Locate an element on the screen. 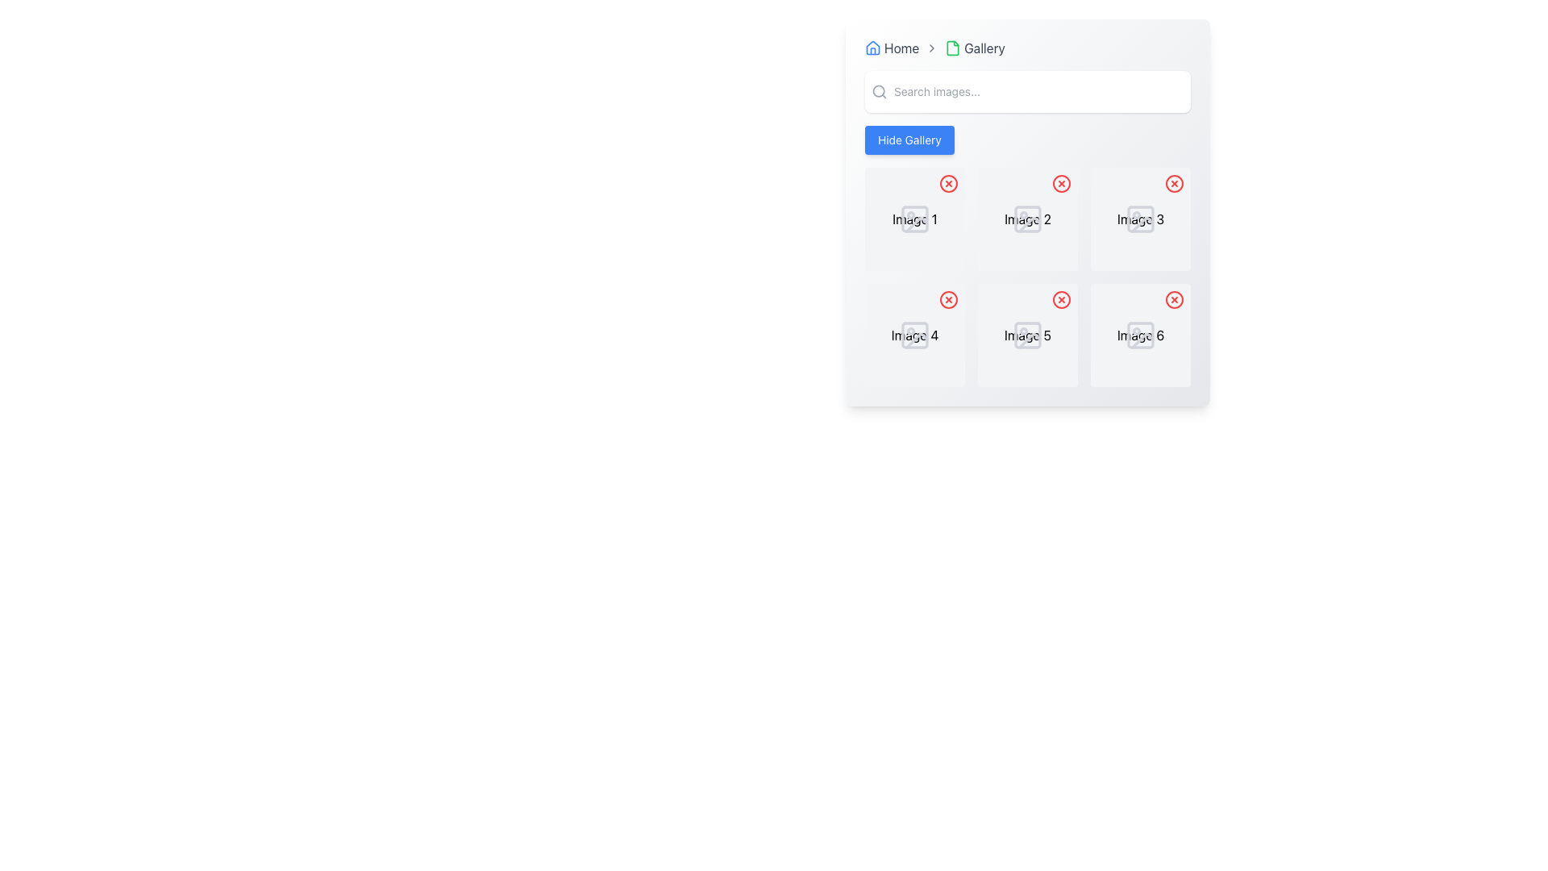  'Gallery' text label element, which indicates the current section in the application's navigation structure, for accessibility information is located at coordinates (984, 48).